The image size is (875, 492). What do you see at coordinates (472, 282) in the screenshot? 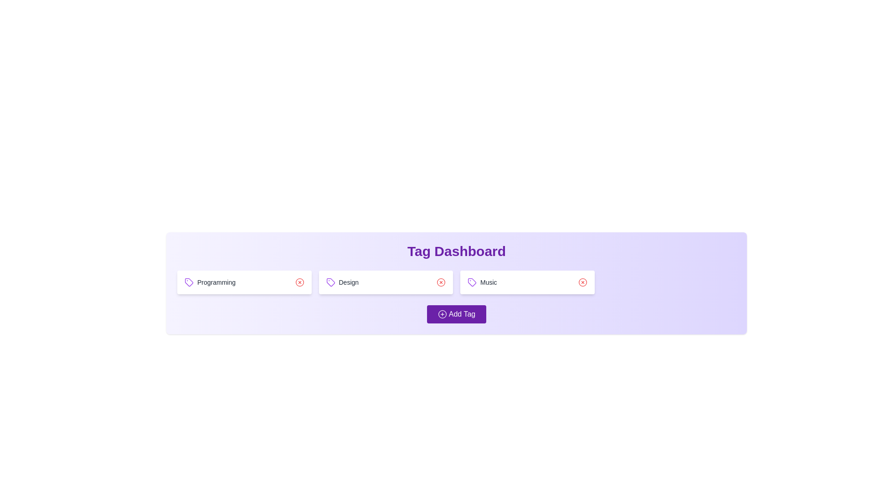
I see `the decorative 'Music' icon located at the leftmost side of the third card in the 'Tag Dashboard' interface` at bounding box center [472, 282].